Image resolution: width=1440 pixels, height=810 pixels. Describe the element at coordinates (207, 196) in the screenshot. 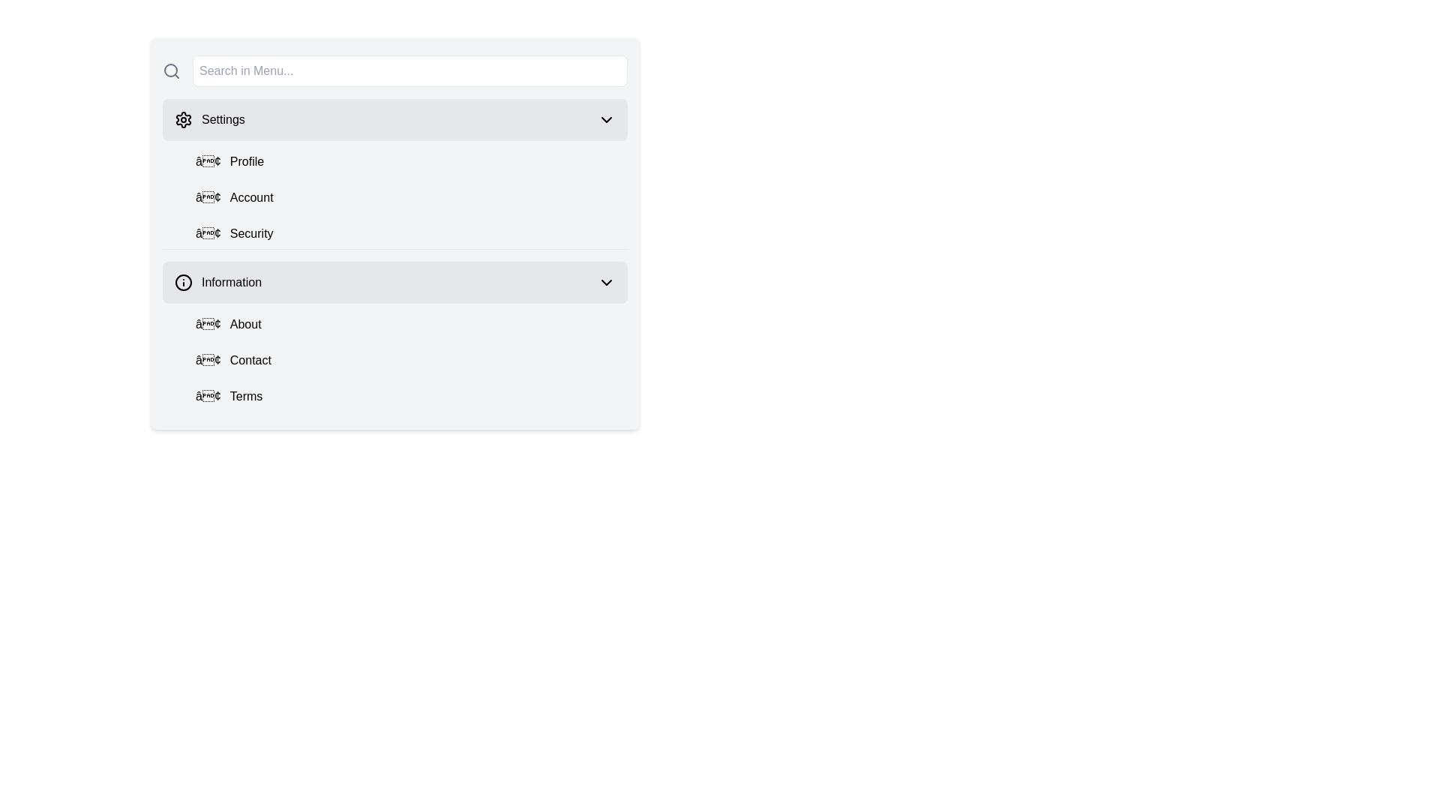

I see `the small circular bullet-like graphical element located to the left of the text 'Account'` at that location.